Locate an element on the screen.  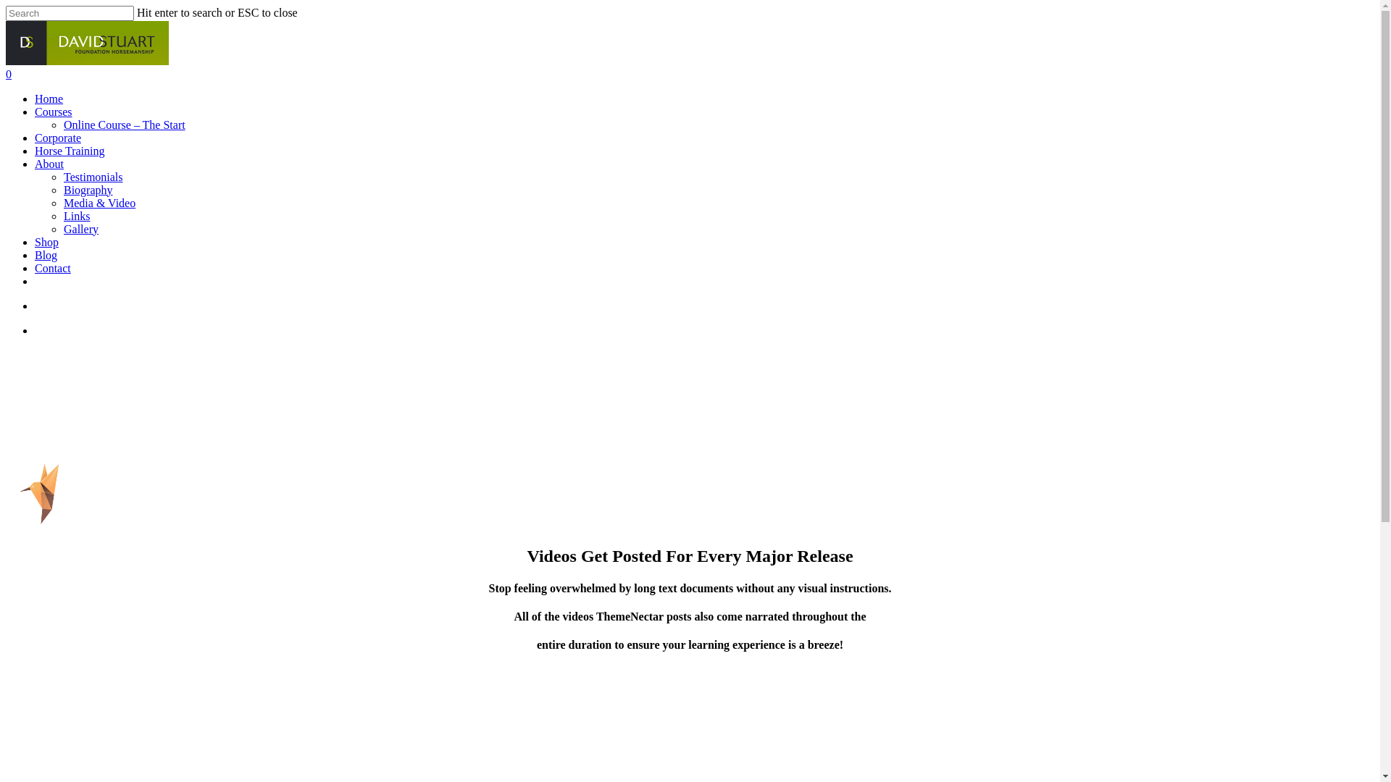
'About' is located at coordinates (35, 163).